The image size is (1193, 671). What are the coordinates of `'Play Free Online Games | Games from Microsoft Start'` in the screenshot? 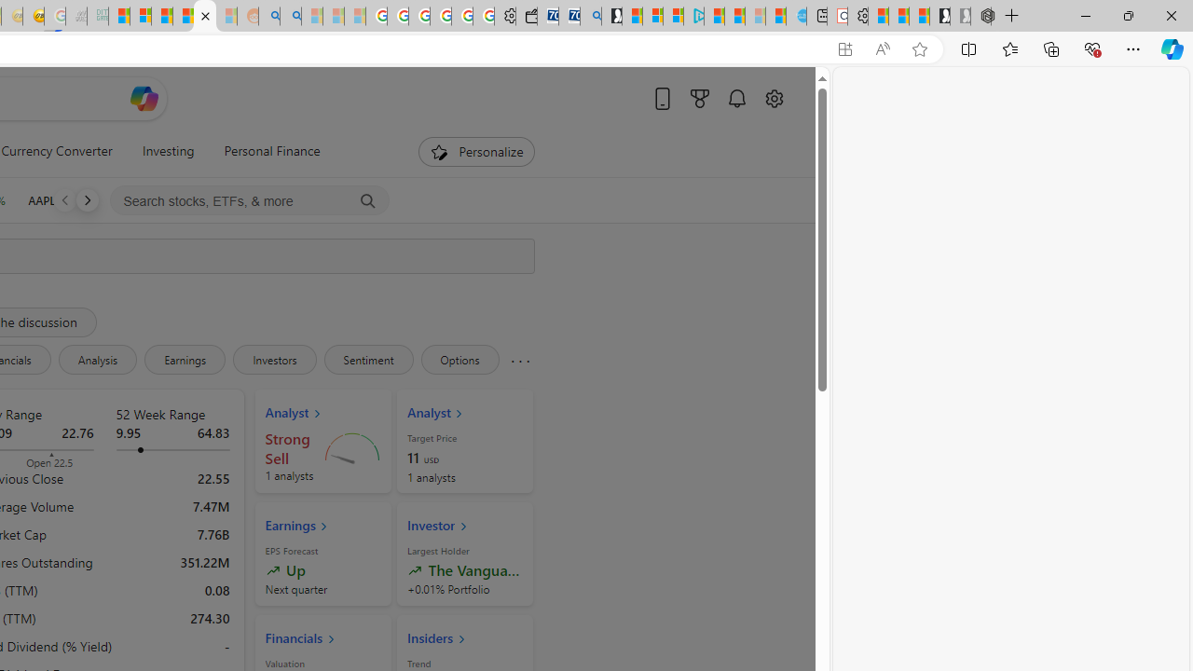 It's located at (939, 16).